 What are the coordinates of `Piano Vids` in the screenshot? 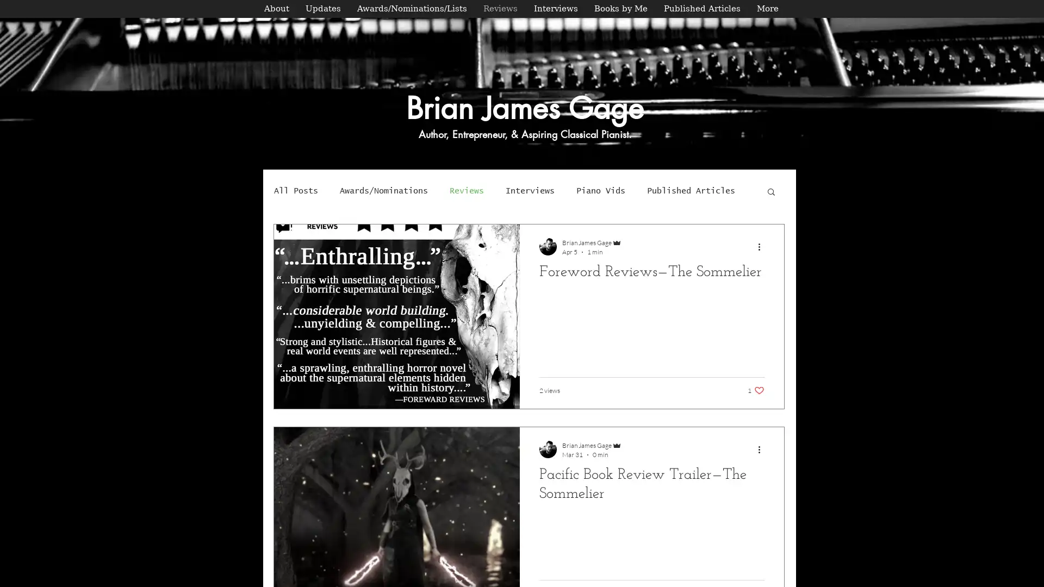 It's located at (600, 190).